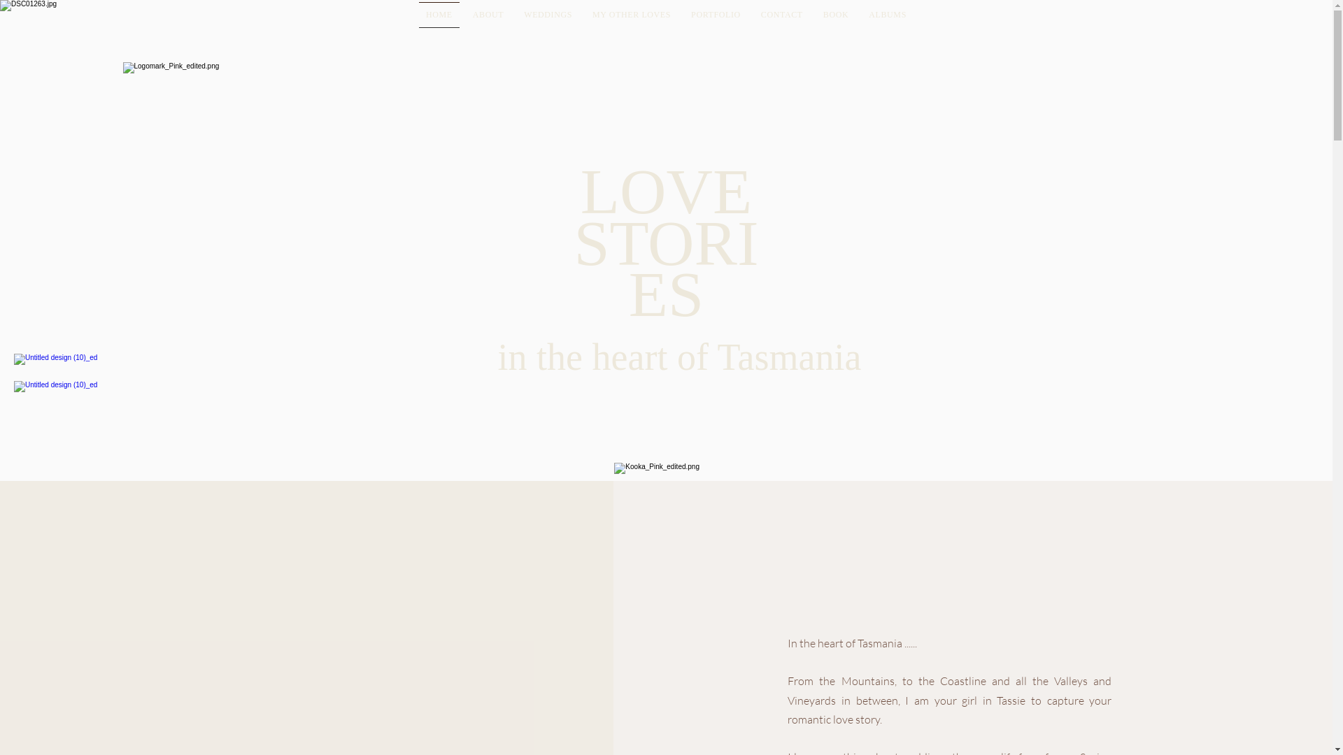  What do you see at coordinates (816, 15) in the screenshot?
I see `'BOOK'` at bounding box center [816, 15].